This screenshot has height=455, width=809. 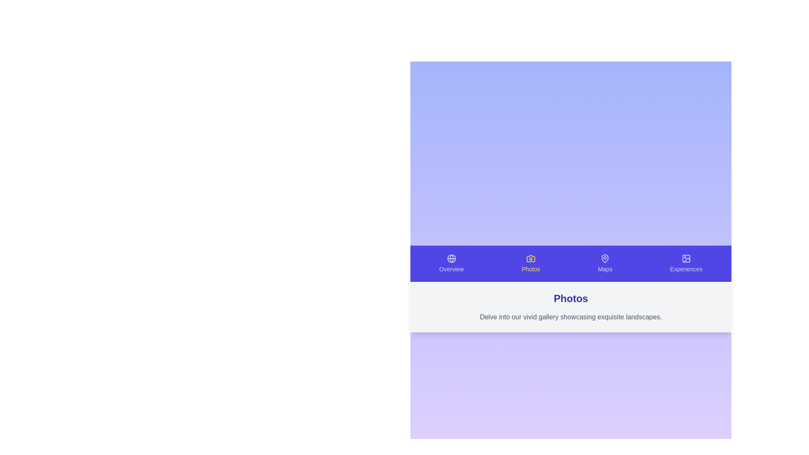 What do you see at coordinates (530, 263) in the screenshot?
I see `the tab labeled Photos` at bounding box center [530, 263].